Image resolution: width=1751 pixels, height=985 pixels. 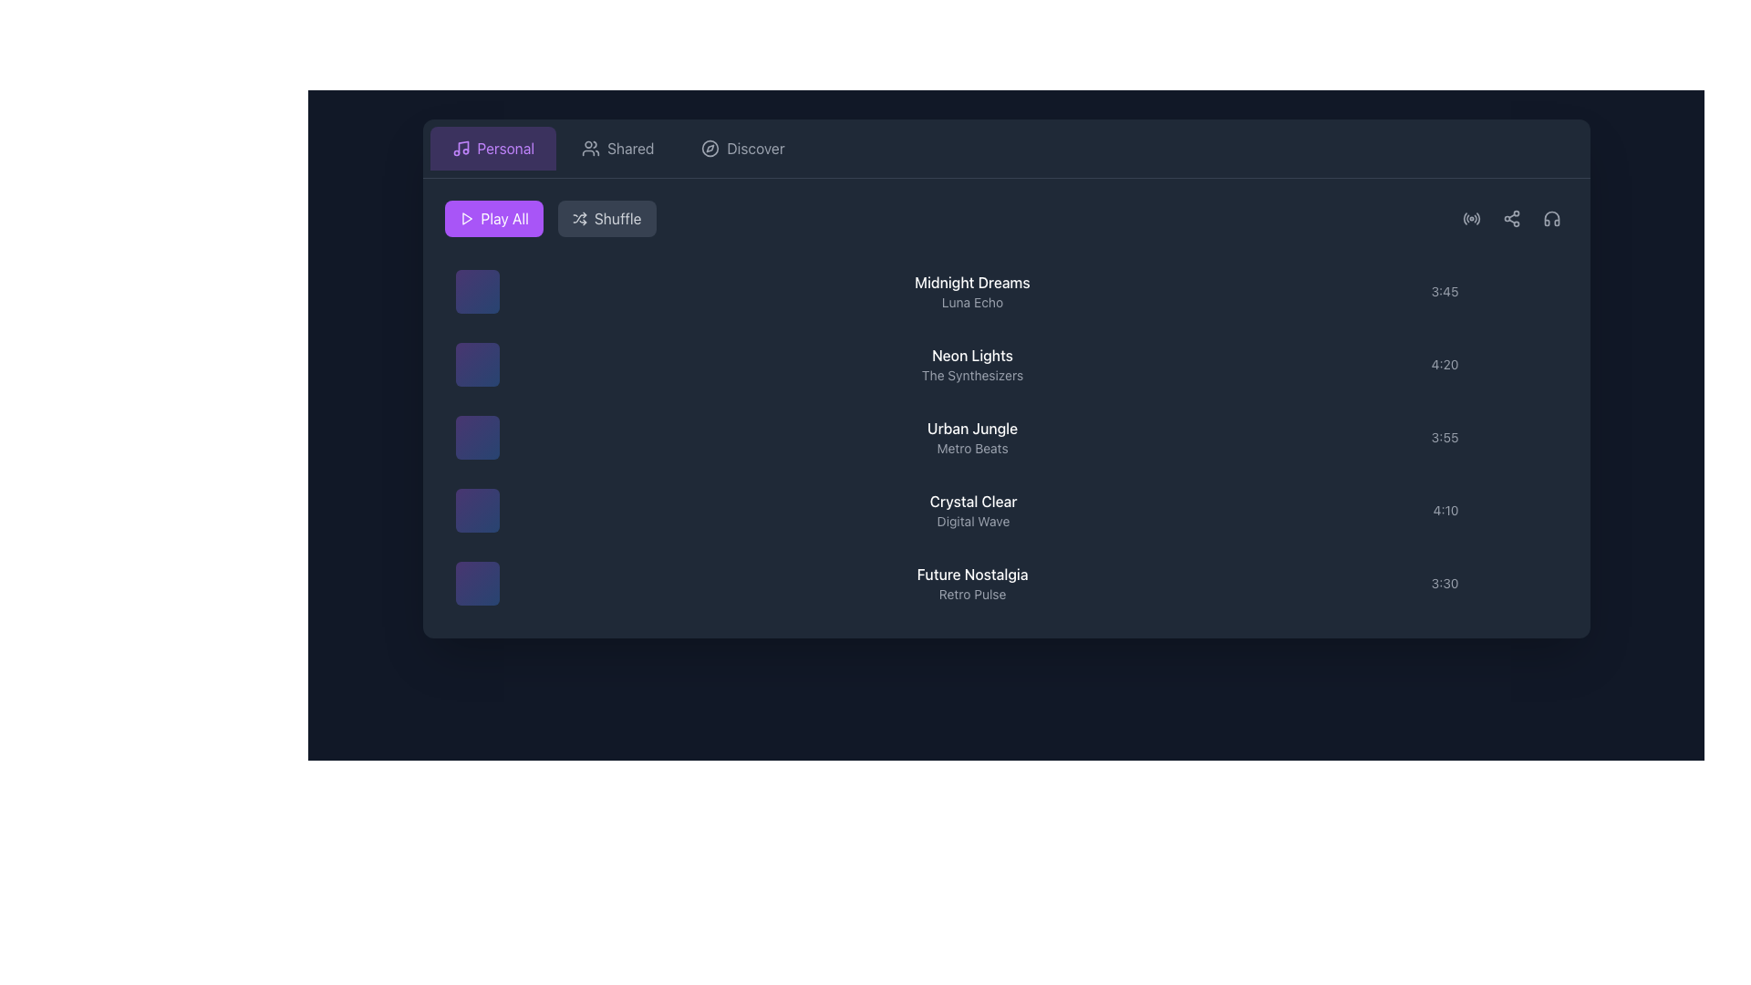 I want to click on the text block titled 'Urban Jungle' which is the third item in the list of song titles, positioned between 'Neon Lights - The Synthesizers' and 'Crystal Clear - Digital Wave', so click(x=971, y=437).